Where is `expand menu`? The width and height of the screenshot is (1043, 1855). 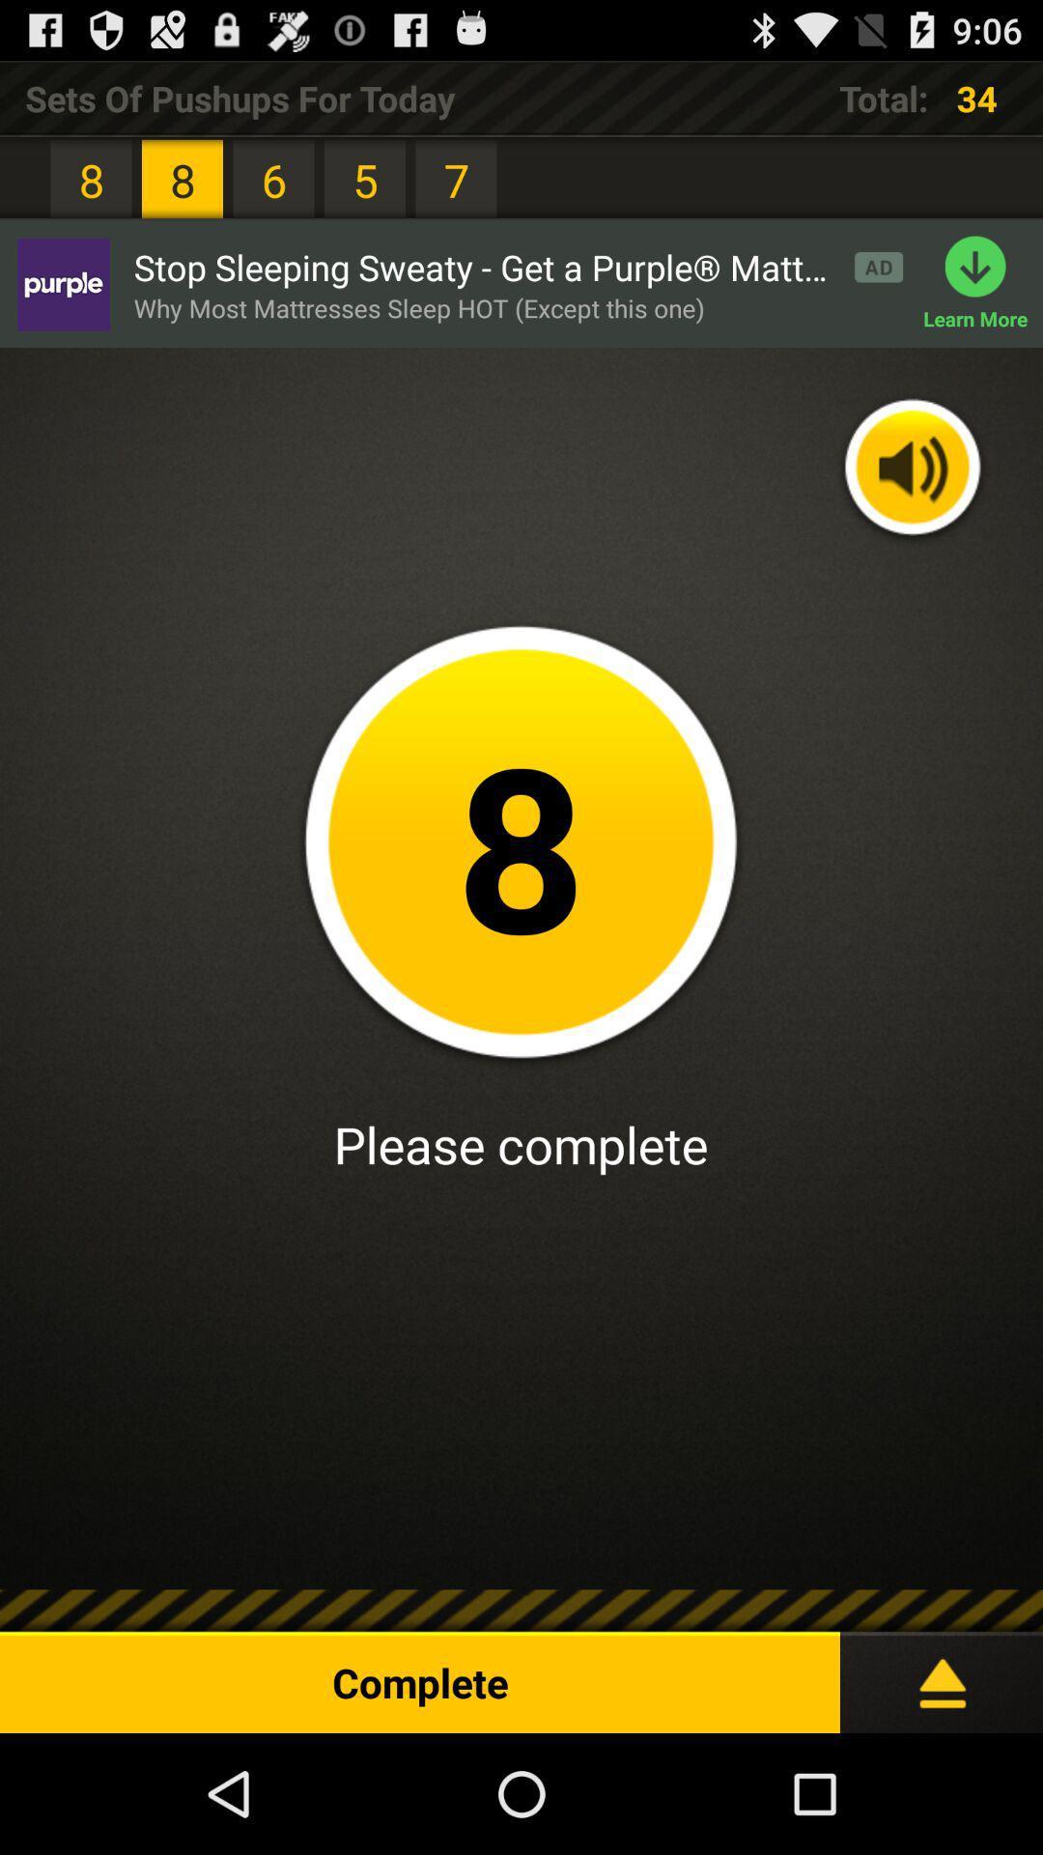
expand menu is located at coordinates (941, 1673).